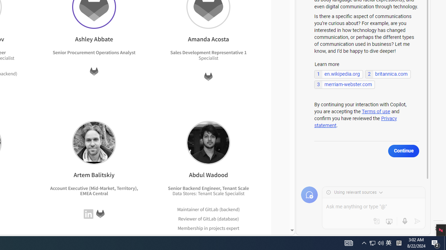 Image resolution: width=446 pixels, height=250 pixels. What do you see at coordinates (201, 237) in the screenshot?
I see `'Membership in groups'` at bounding box center [201, 237].